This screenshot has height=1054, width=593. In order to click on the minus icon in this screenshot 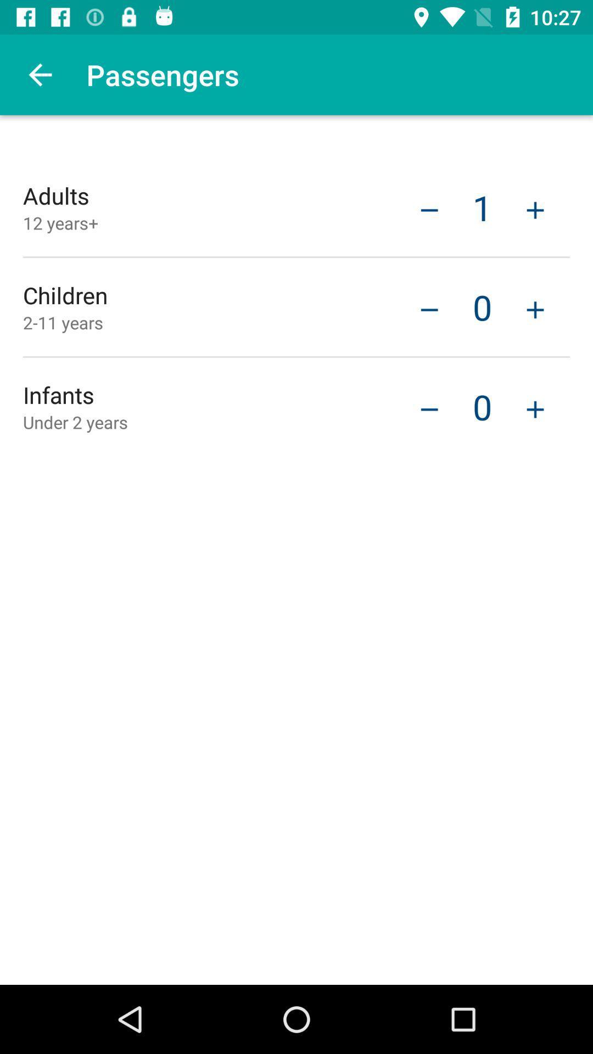, I will do `click(429, 407)`.